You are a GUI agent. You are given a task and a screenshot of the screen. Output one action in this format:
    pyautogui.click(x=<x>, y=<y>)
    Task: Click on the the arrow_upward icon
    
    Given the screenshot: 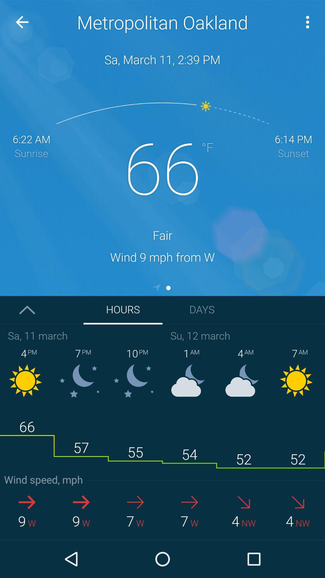 What is the action you would take?
    pyautogui.click(x=27, y=310)
    